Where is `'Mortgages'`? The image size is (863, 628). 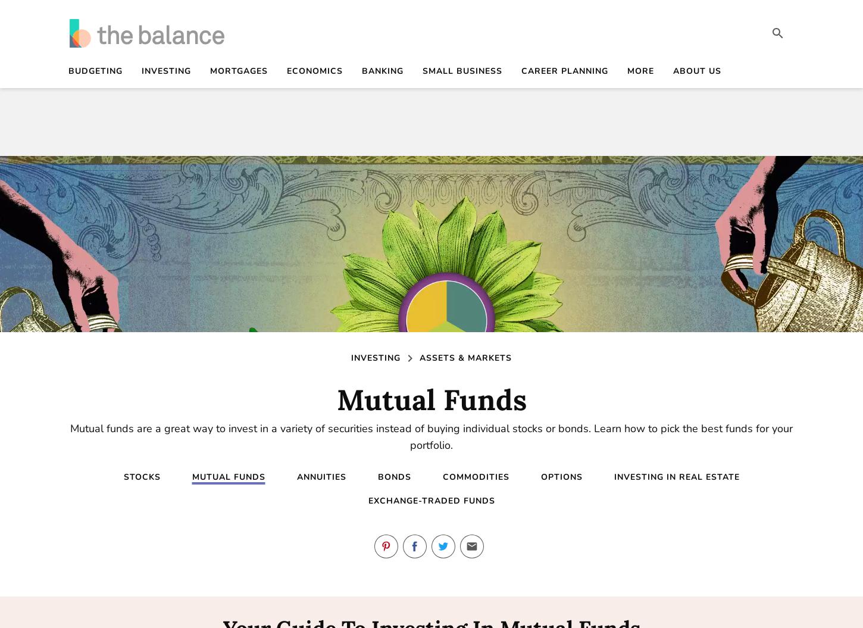
'Mortgages' is located at coordinates (238, 71).